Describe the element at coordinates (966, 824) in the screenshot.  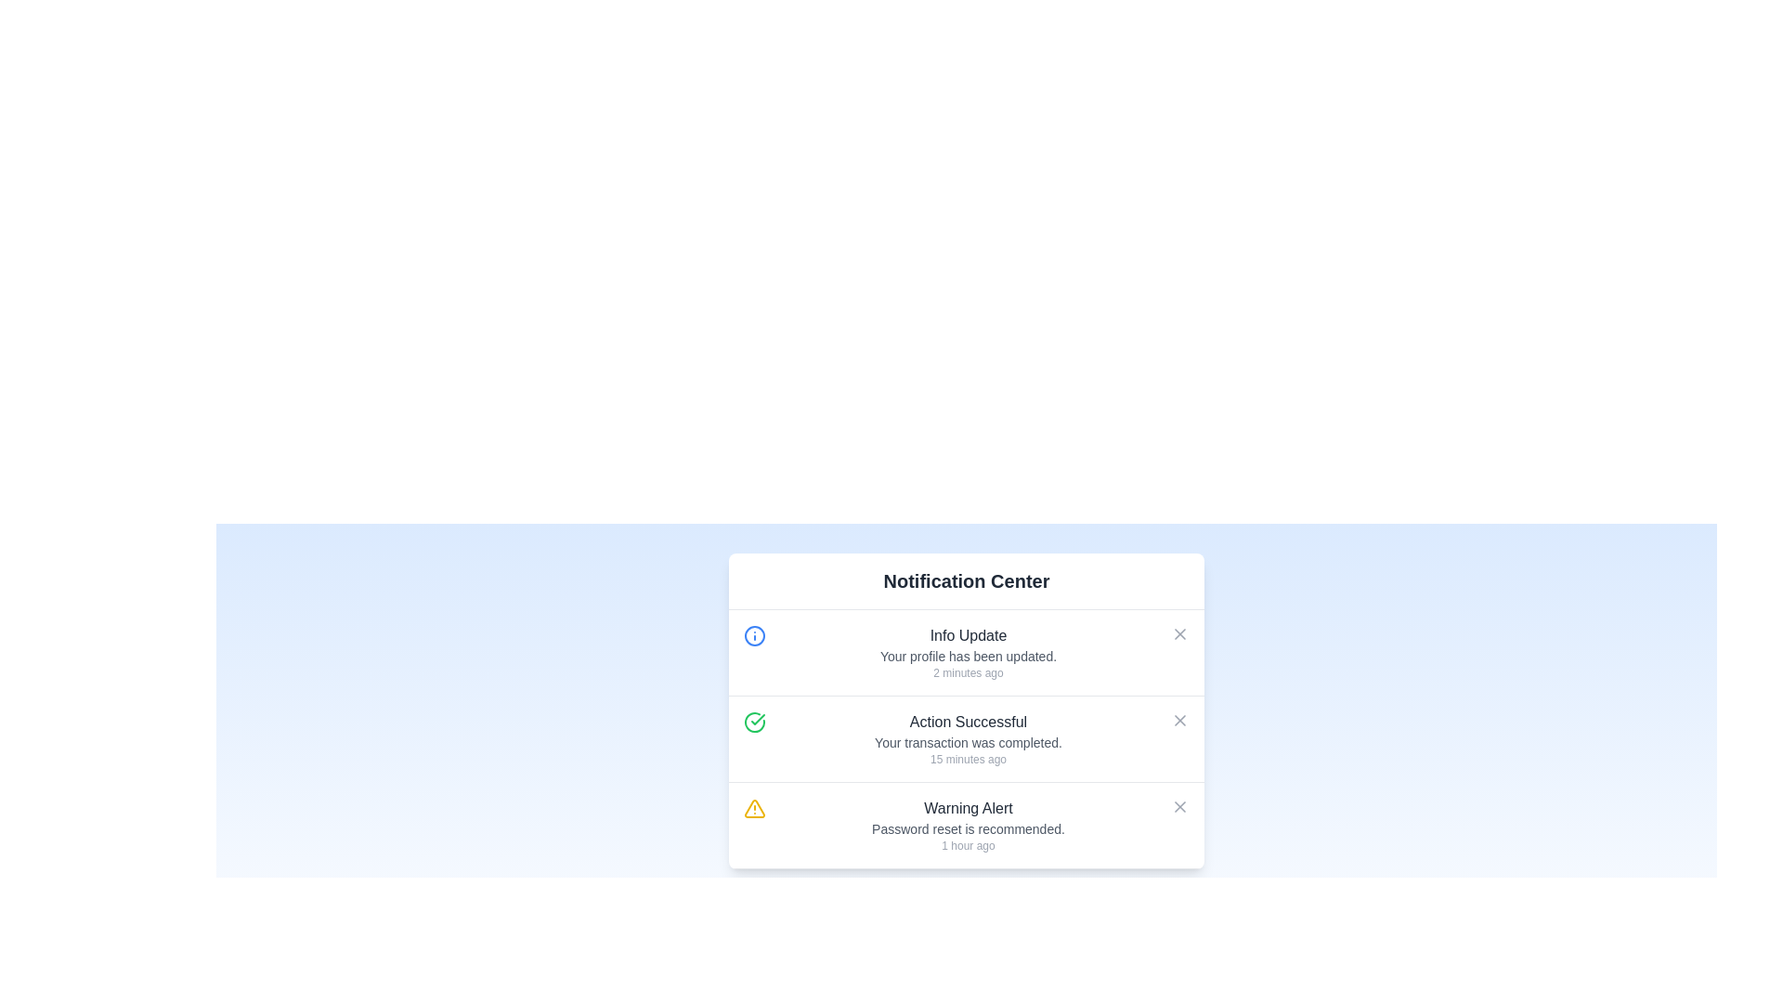
I see `the Notification card that advises a password reset, which is the third item in the vertical list of notifications` at that location.